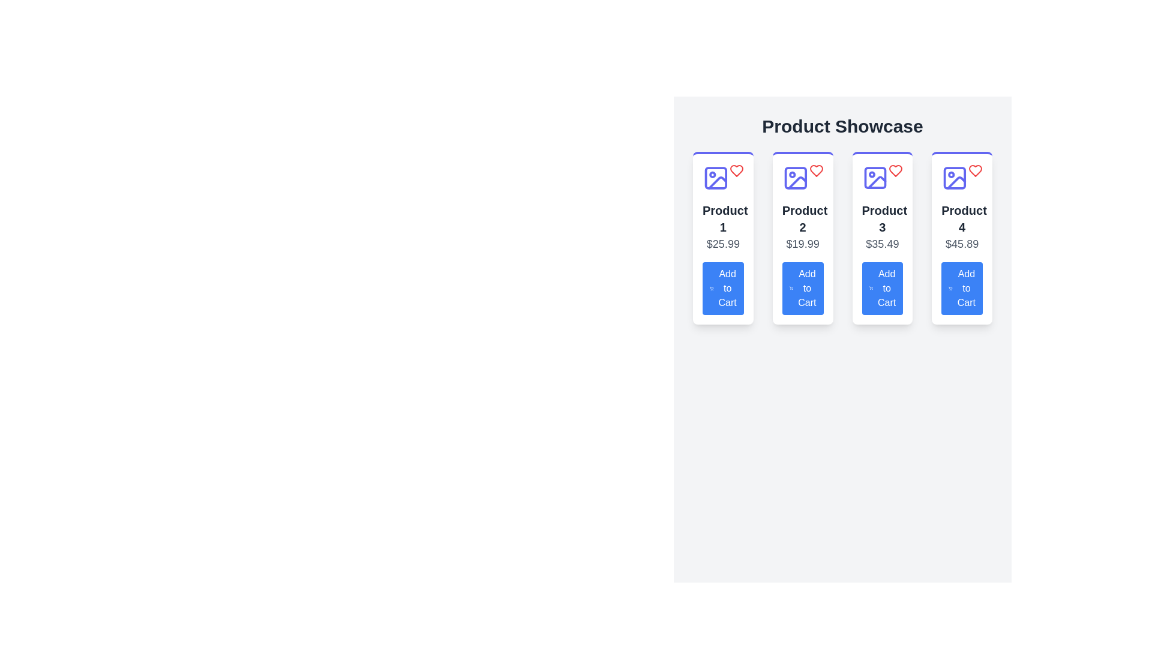 The height and width of the screenshot is (648, 1152). What do you see at coordinates (896, 171) in the screenshot?
I see `the heart-shaped icon button outlined in red located in the top-right corner of the card for 'Product 3'` at bounding box center [896, 171].